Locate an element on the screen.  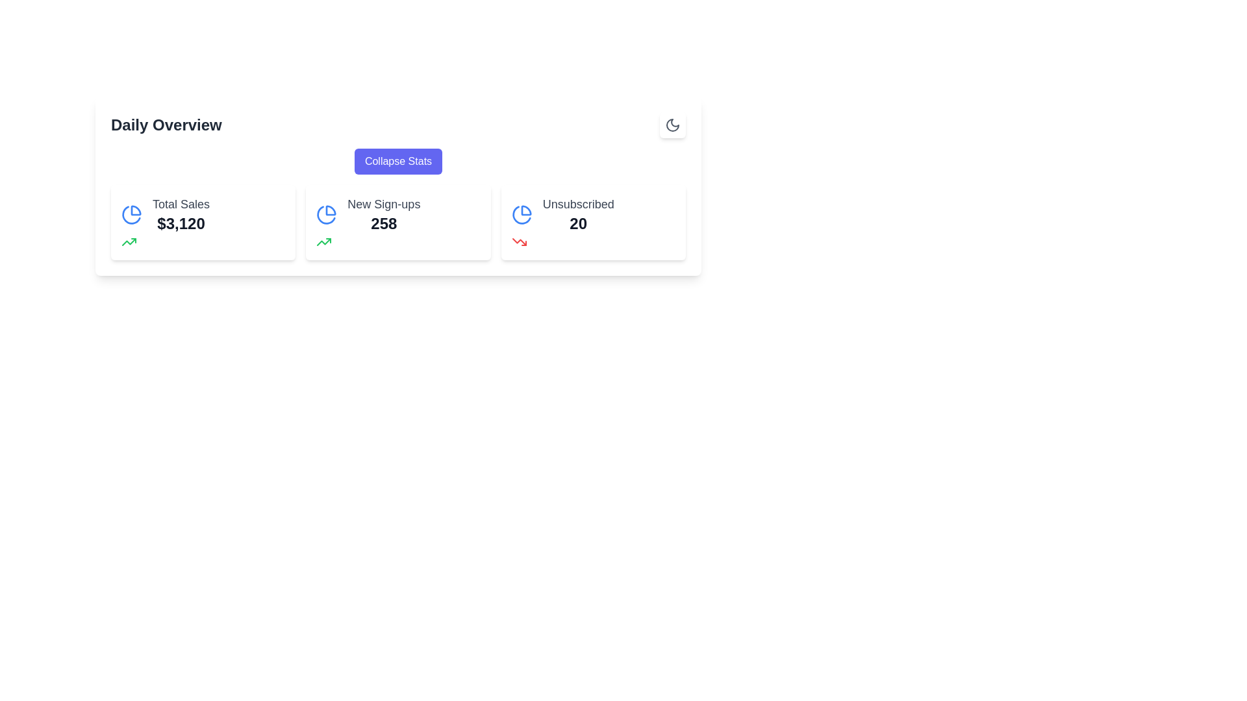
the 'Unsubscribed' users text label, which displays the count of unsubscribed users under the 'Daily Overview' heading is located at coordinates (577, 223).